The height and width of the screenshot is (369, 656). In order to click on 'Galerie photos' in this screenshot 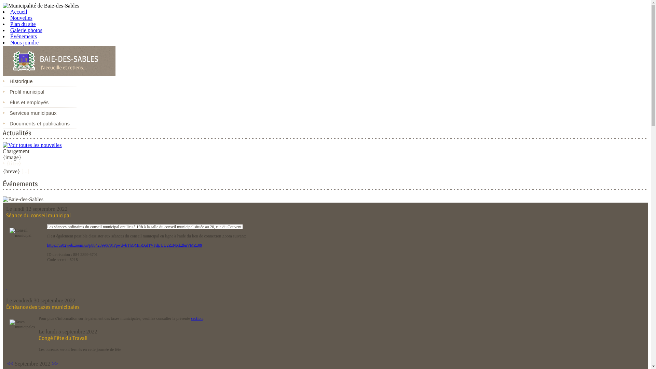, I will do `click(26, 30)`.